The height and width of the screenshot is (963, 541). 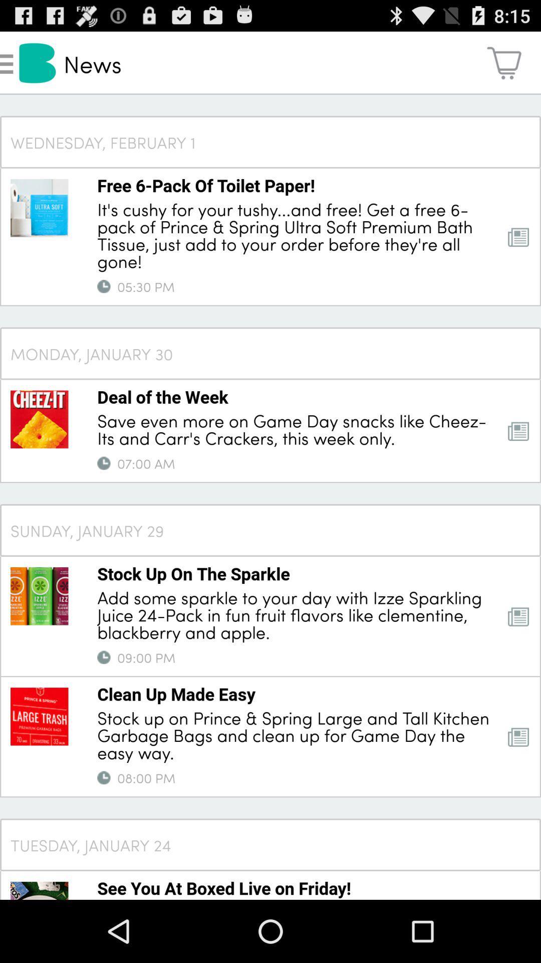 I want to click on wednesday, february 1 item, so click(x=270, y=141).